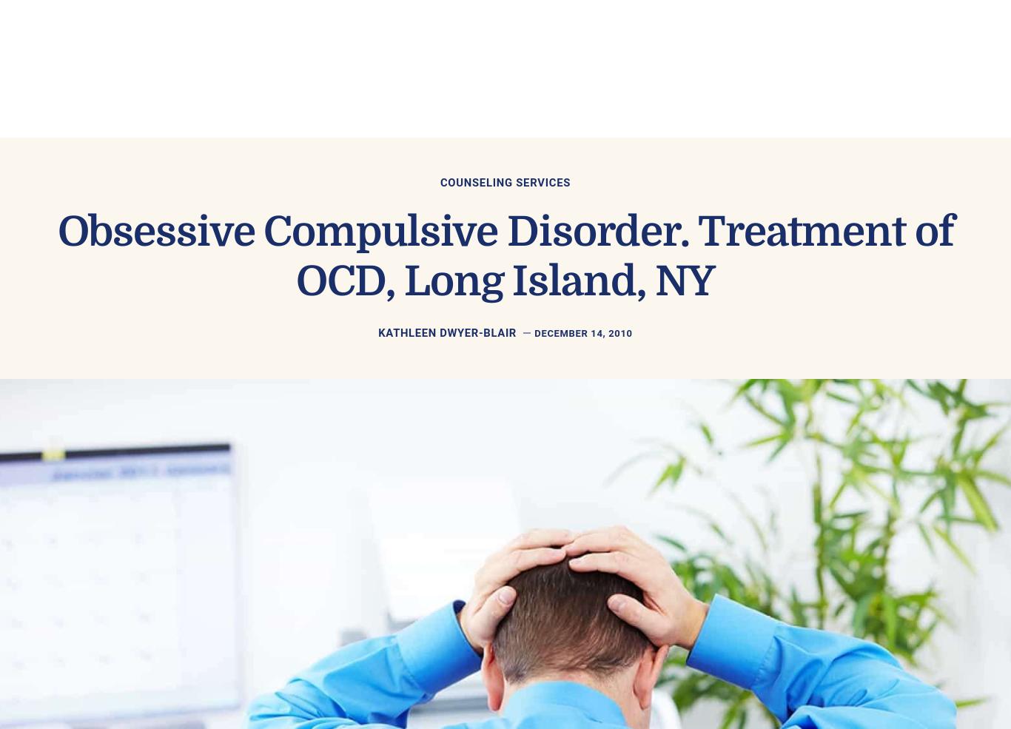  I want to click on 'Phone', so click(249, 283).